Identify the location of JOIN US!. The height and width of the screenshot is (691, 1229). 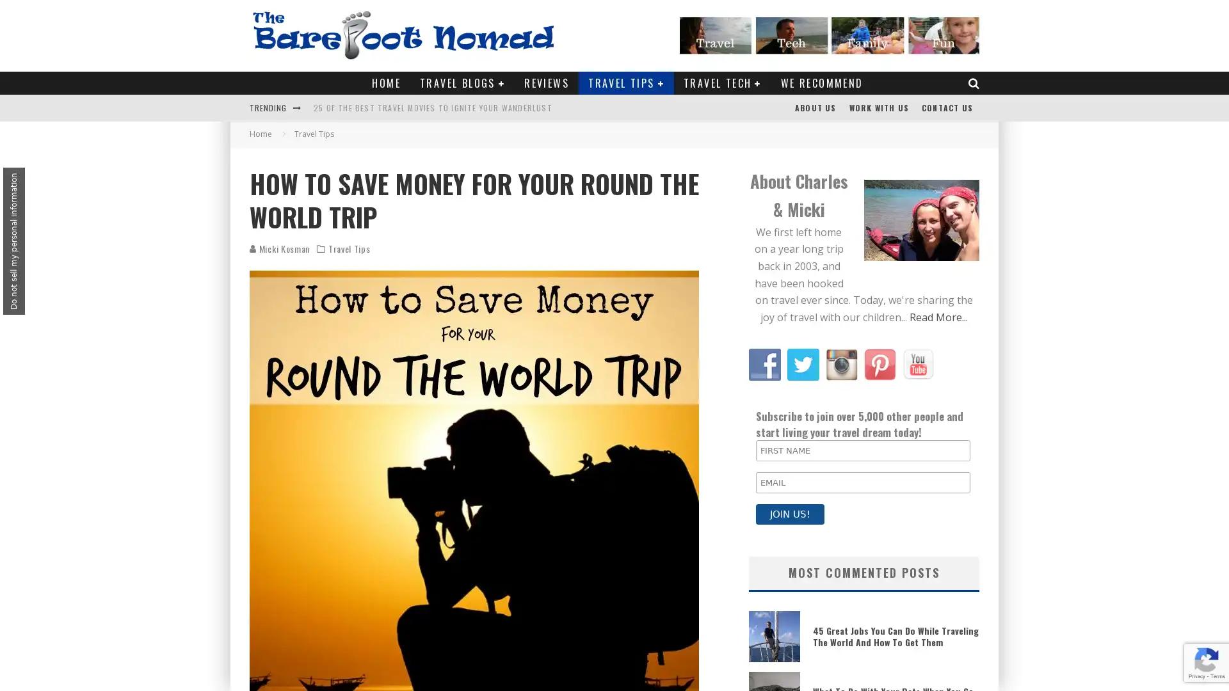
(789, 512).